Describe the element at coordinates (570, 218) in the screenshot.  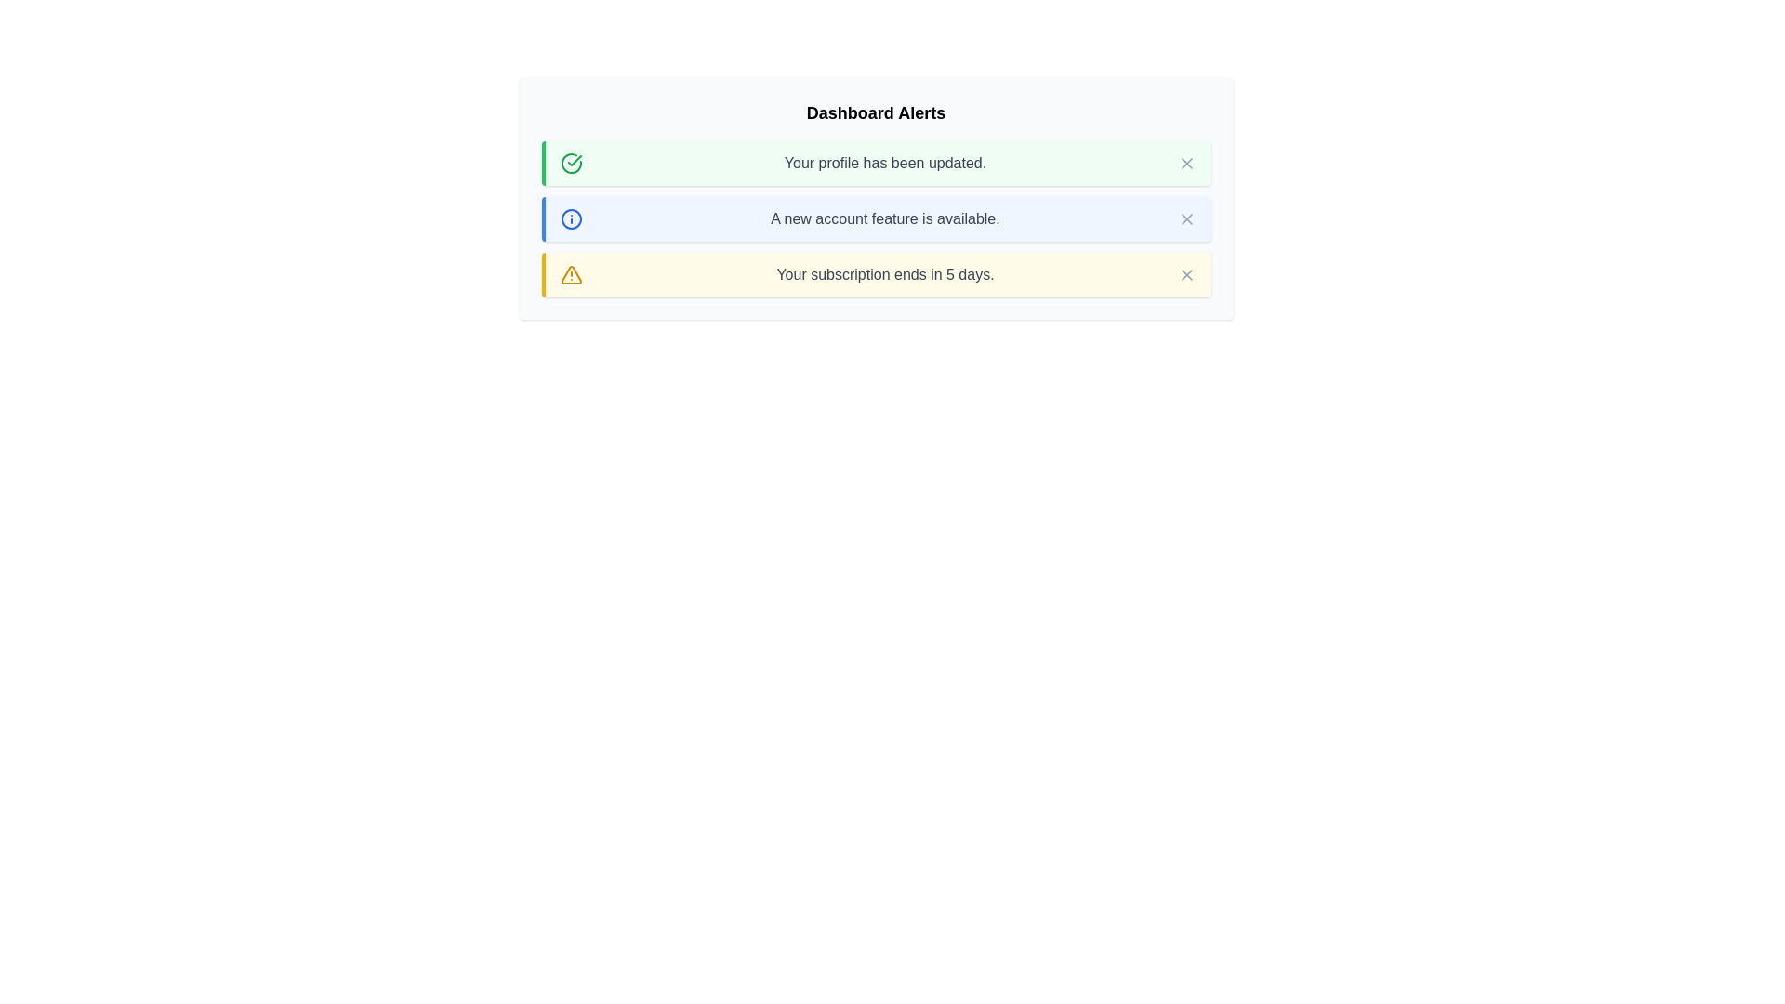
I see `the decorative SVG circle element that serves as the main circular component in the icon next to the text 'A new account feature is available.' in the alerts panel` at that location.